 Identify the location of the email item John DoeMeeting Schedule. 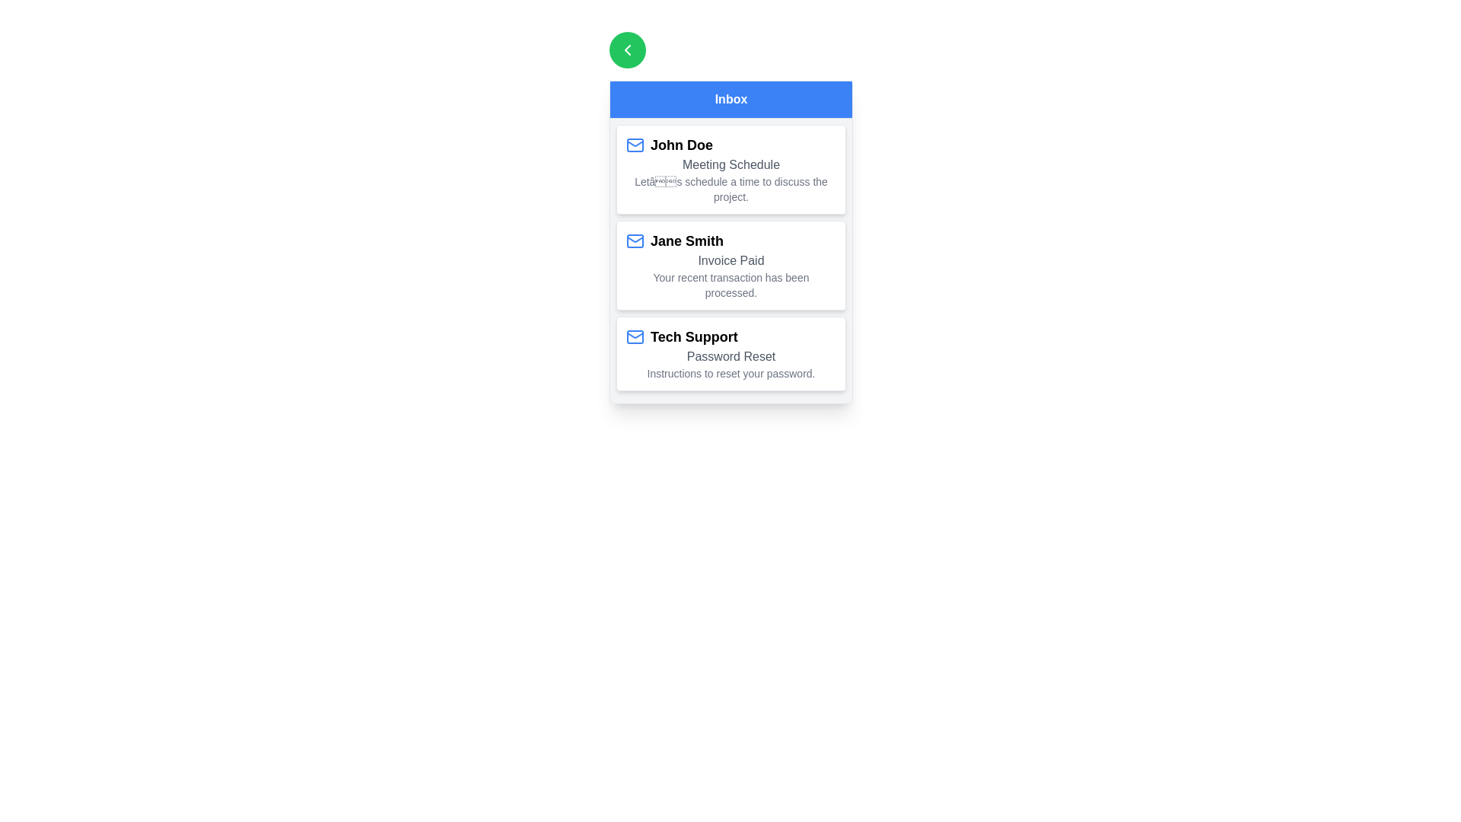
(730, 170).